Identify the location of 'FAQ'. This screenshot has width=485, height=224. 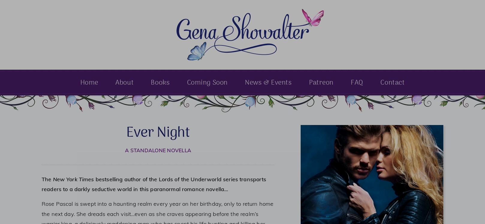
(357, 83).